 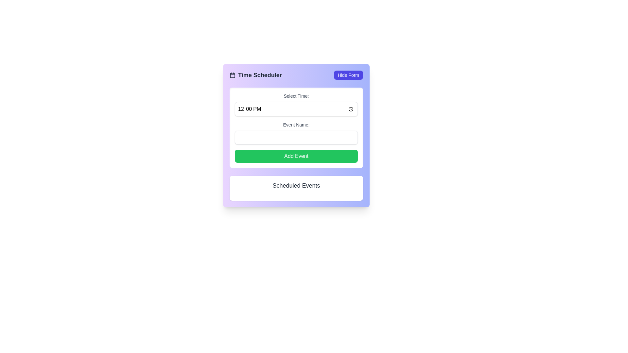 I want to click on the 'Hide Form' button at the top section of the card layout, so click(x=296, y=75).